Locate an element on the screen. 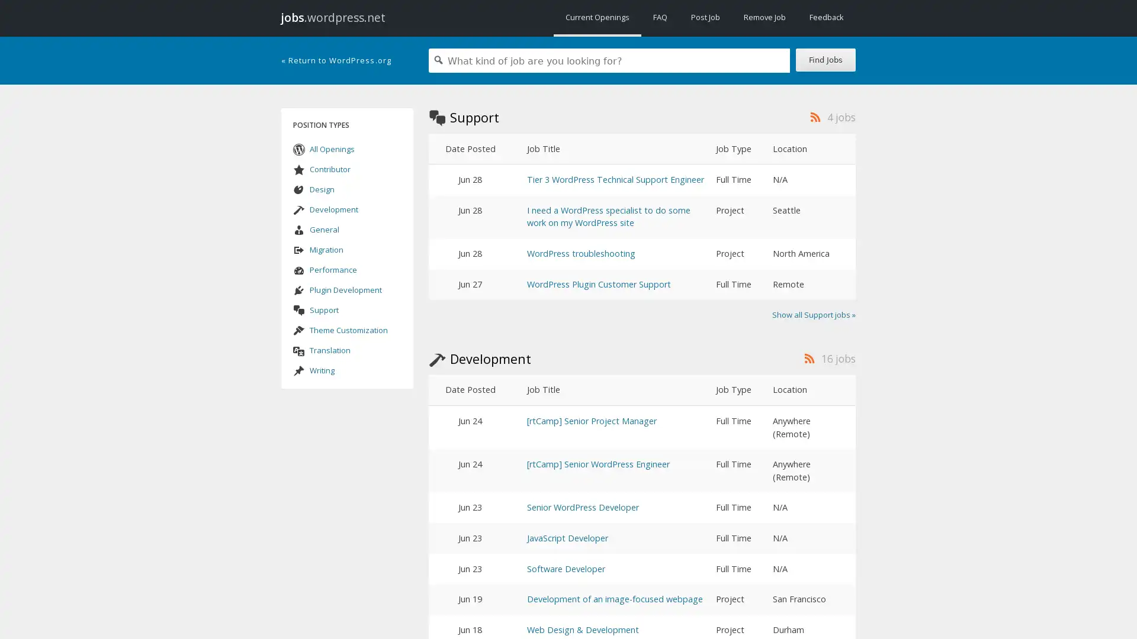 The width and height of the screenshot is (1137, 639). Find Jobs is located at coordinates (825, 59).